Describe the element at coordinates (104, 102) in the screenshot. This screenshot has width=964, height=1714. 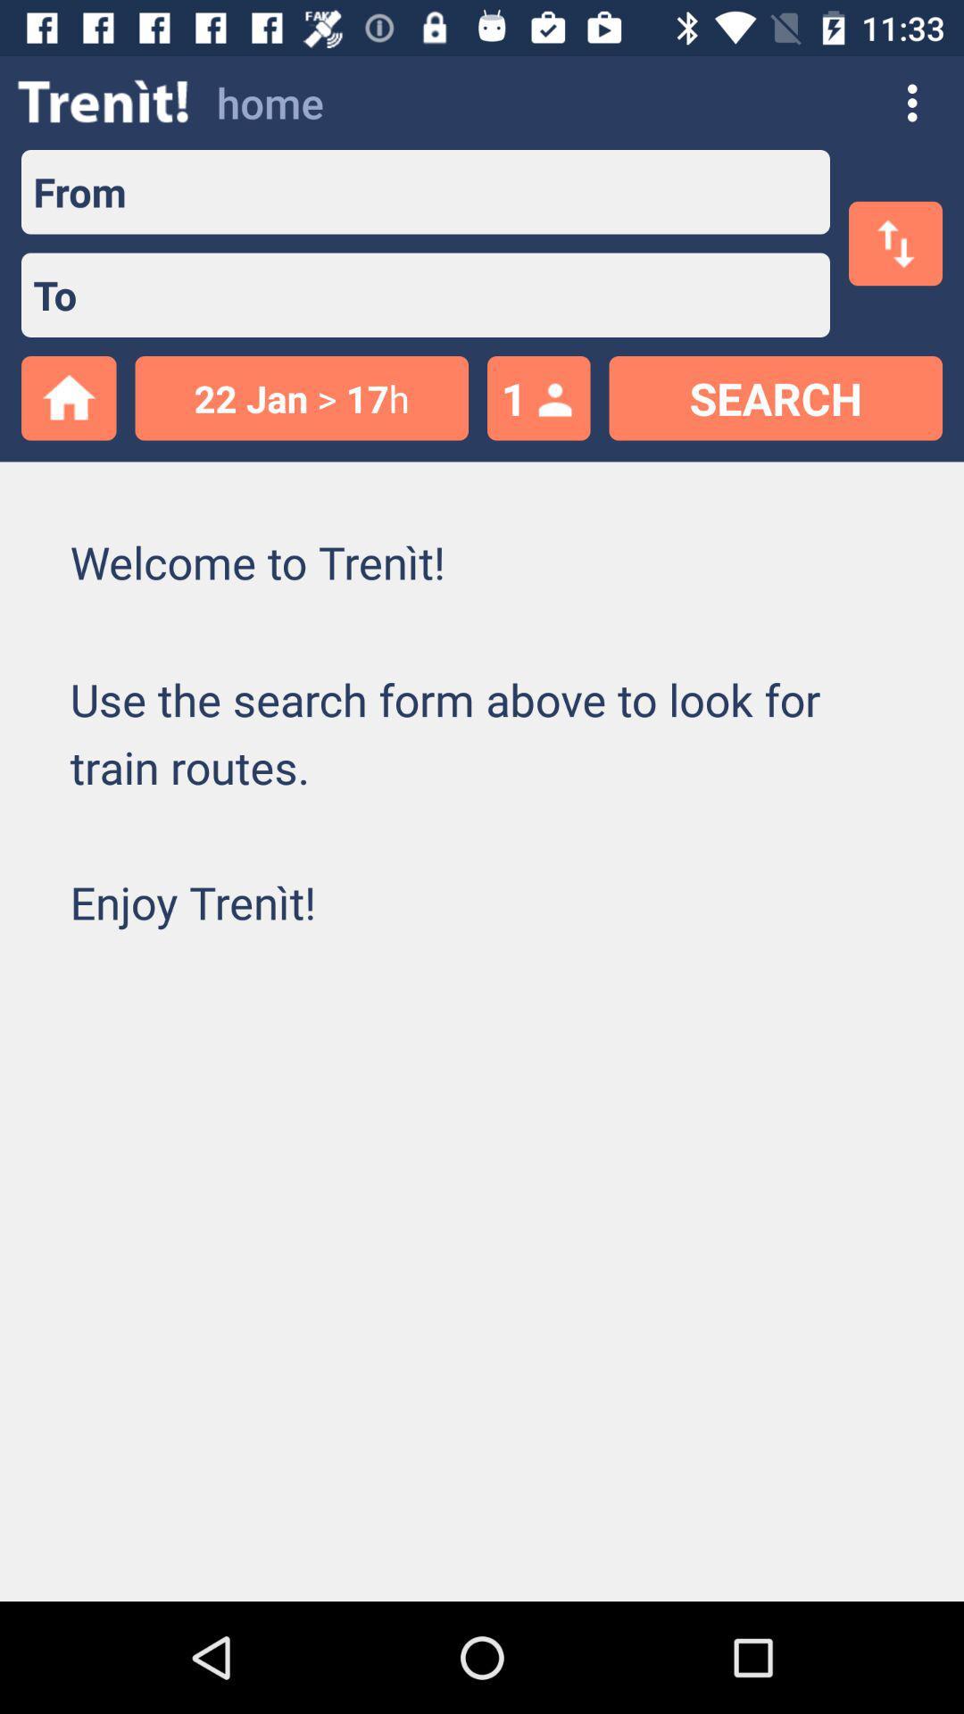
I see `the item above from icon` at that location.